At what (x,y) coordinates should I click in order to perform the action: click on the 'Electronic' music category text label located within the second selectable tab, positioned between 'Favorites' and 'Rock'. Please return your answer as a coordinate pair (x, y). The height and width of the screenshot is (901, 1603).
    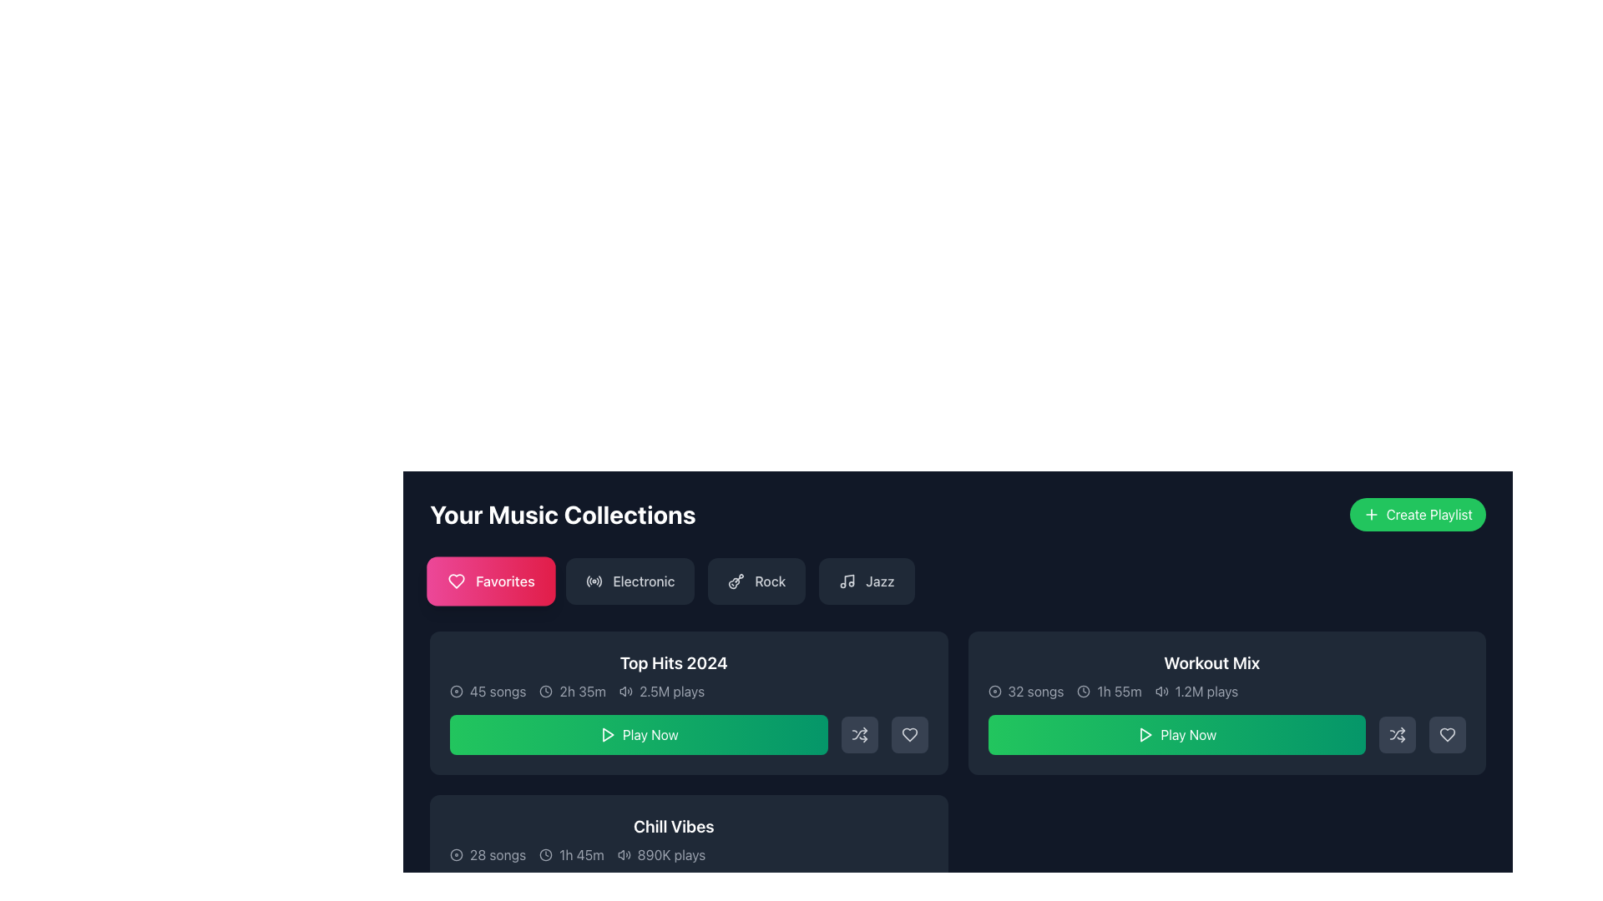
    Looking at the image, I should click on (643, 581).